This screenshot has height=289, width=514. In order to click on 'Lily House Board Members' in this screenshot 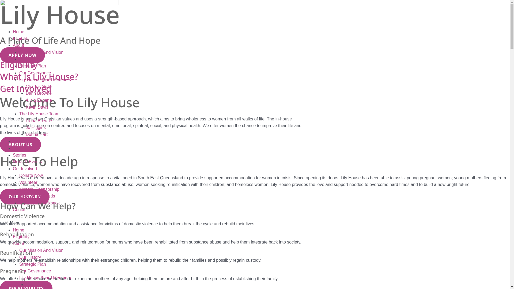, I will do `click(45, 277)`.